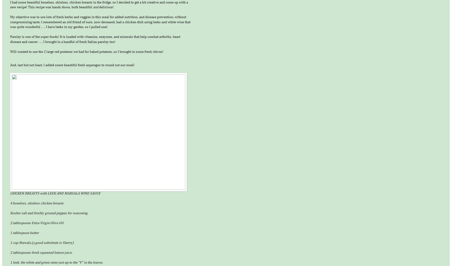 The width and height of the screenshot is (454, 266). What do you see at coordinates (37, 223) in the screenshot?
I see `'2 tablespoons Extra Virgin Olive Oil'` at bounding box center [37, 223].